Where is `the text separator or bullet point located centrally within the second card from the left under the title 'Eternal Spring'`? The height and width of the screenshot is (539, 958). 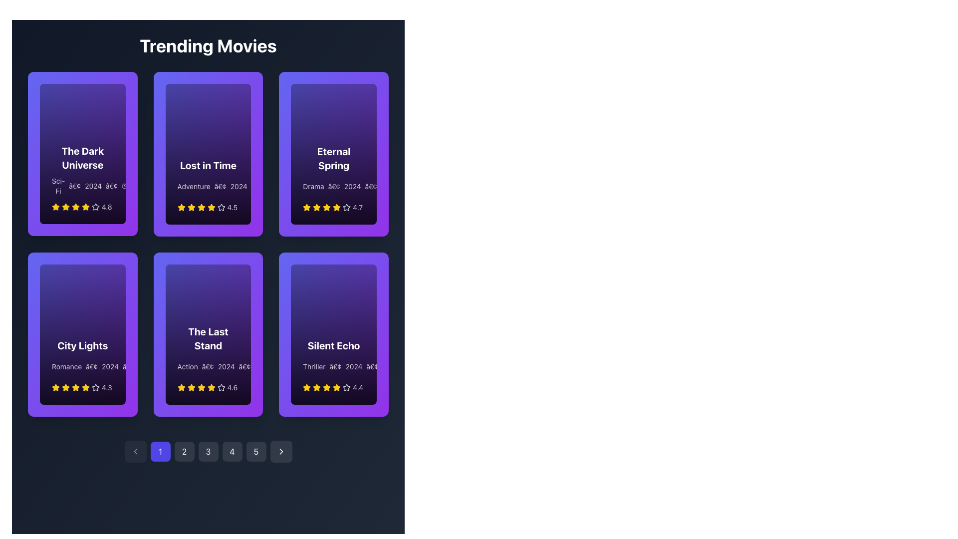
the text separator or bullet point located centrally within the second card from the left under the title 'Eternal Spring' is located at coordinates (334, 186).